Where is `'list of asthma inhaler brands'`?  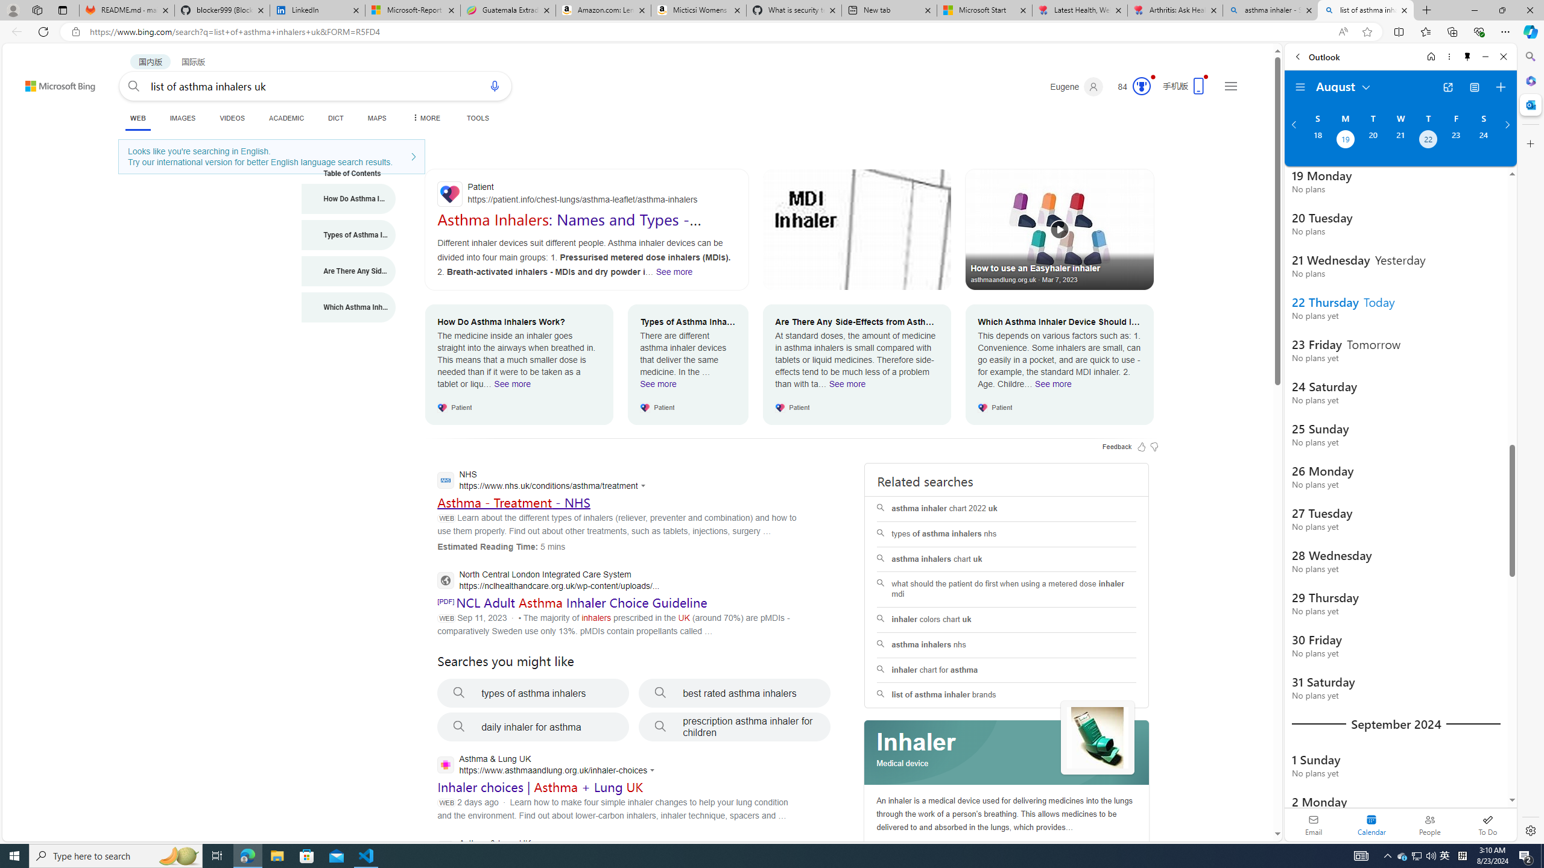 'list of asthma inhaler brands' is located at coordinates (1006, 695).